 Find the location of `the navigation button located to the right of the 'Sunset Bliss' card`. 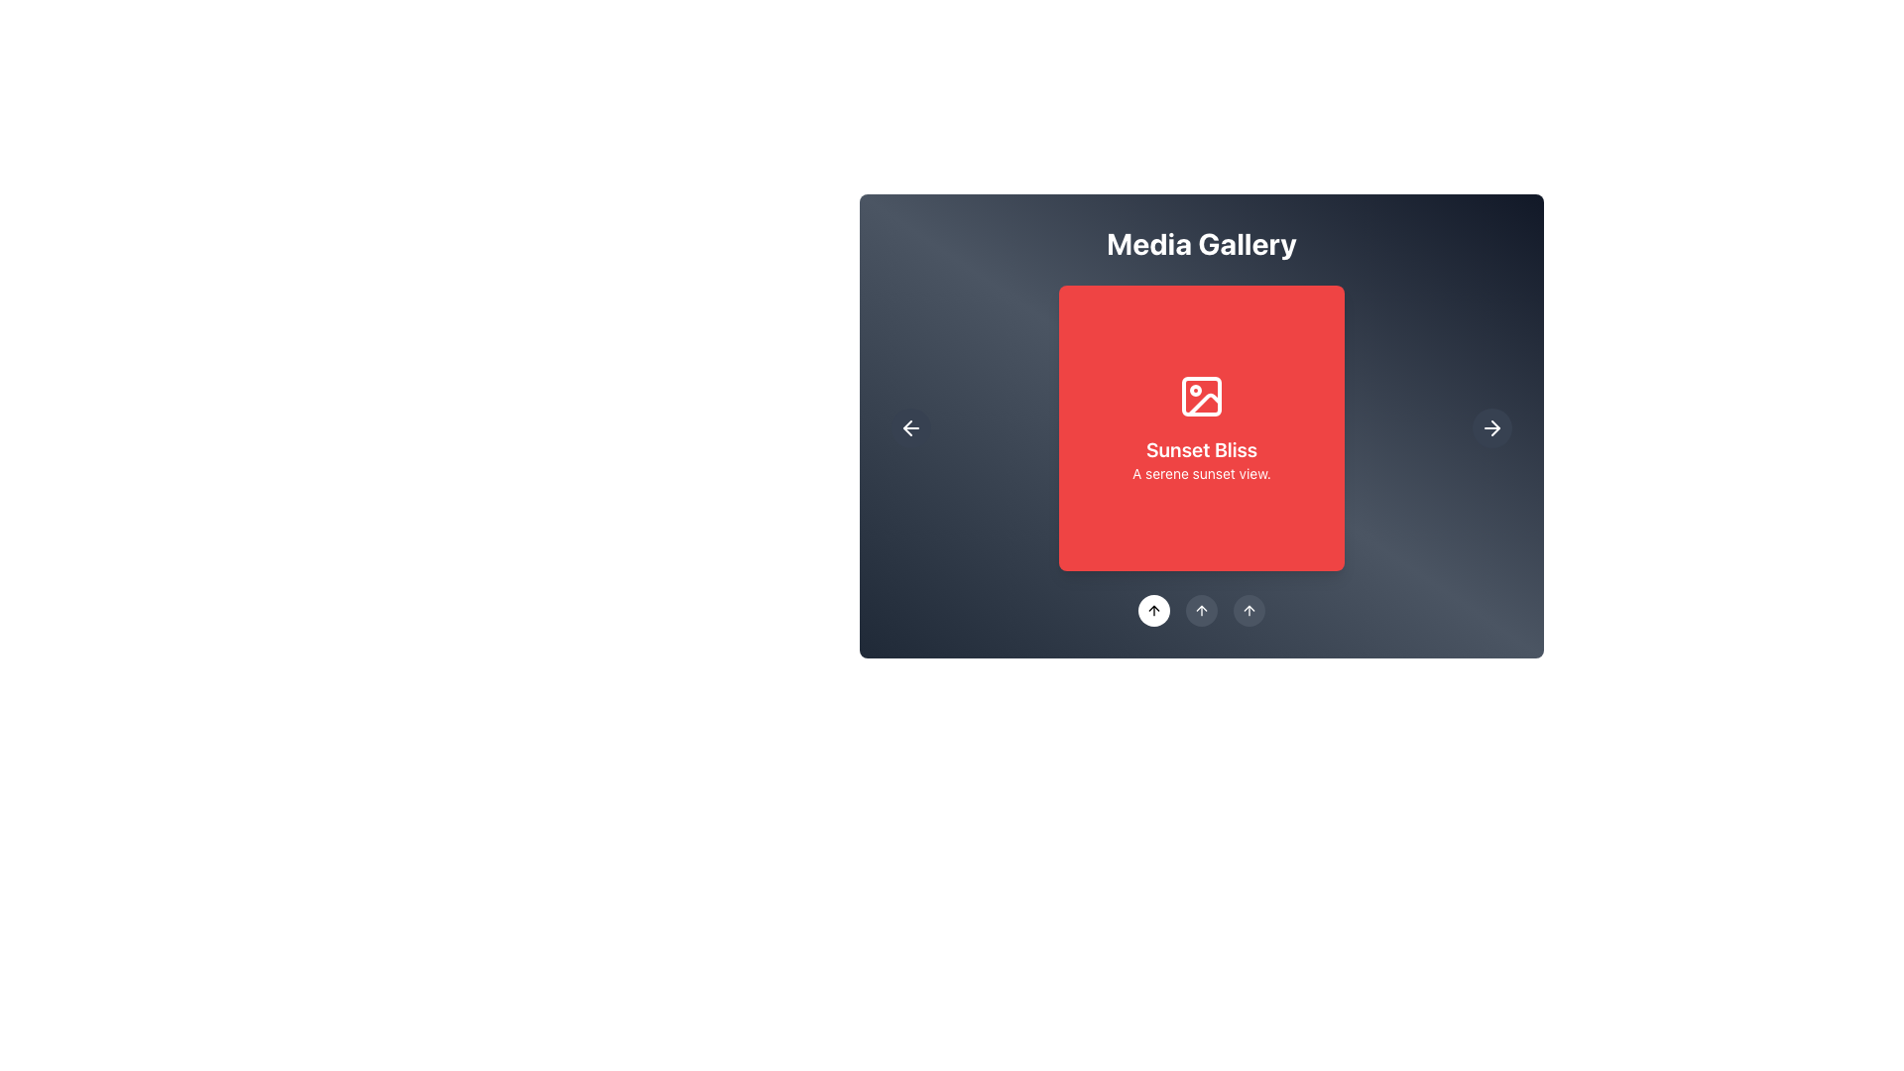

the navigation button located to the right of the 'Sunset Bliss' card is located at coordinates (1492, 427).